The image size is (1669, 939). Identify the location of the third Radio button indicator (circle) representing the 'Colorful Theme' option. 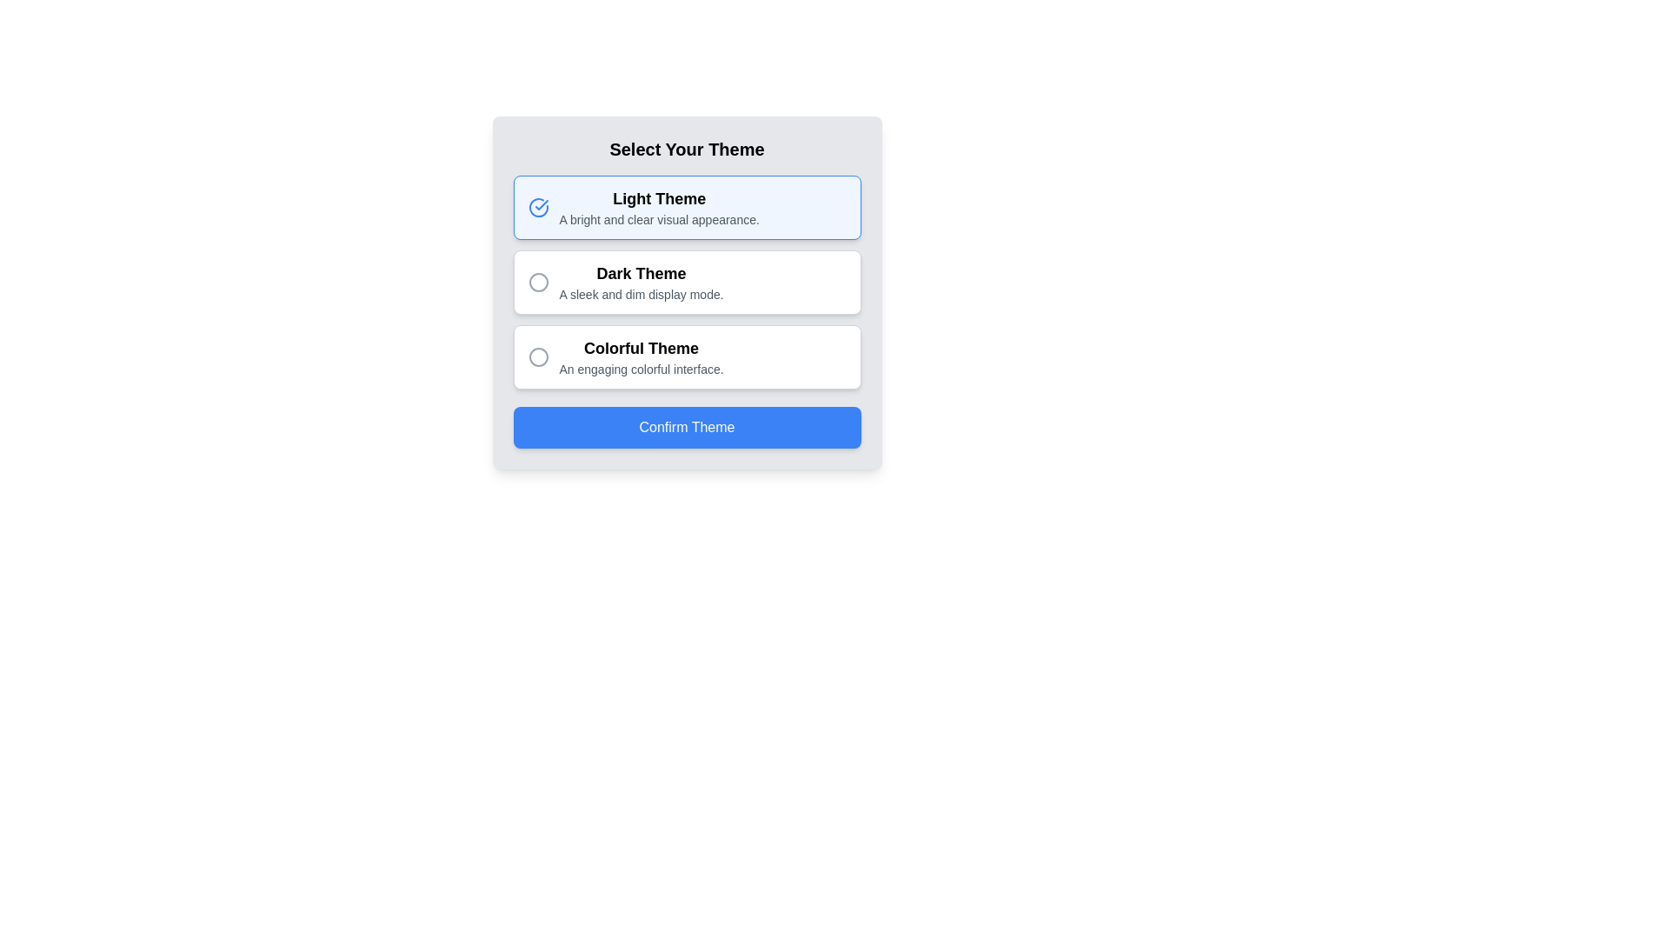
(537, 356).